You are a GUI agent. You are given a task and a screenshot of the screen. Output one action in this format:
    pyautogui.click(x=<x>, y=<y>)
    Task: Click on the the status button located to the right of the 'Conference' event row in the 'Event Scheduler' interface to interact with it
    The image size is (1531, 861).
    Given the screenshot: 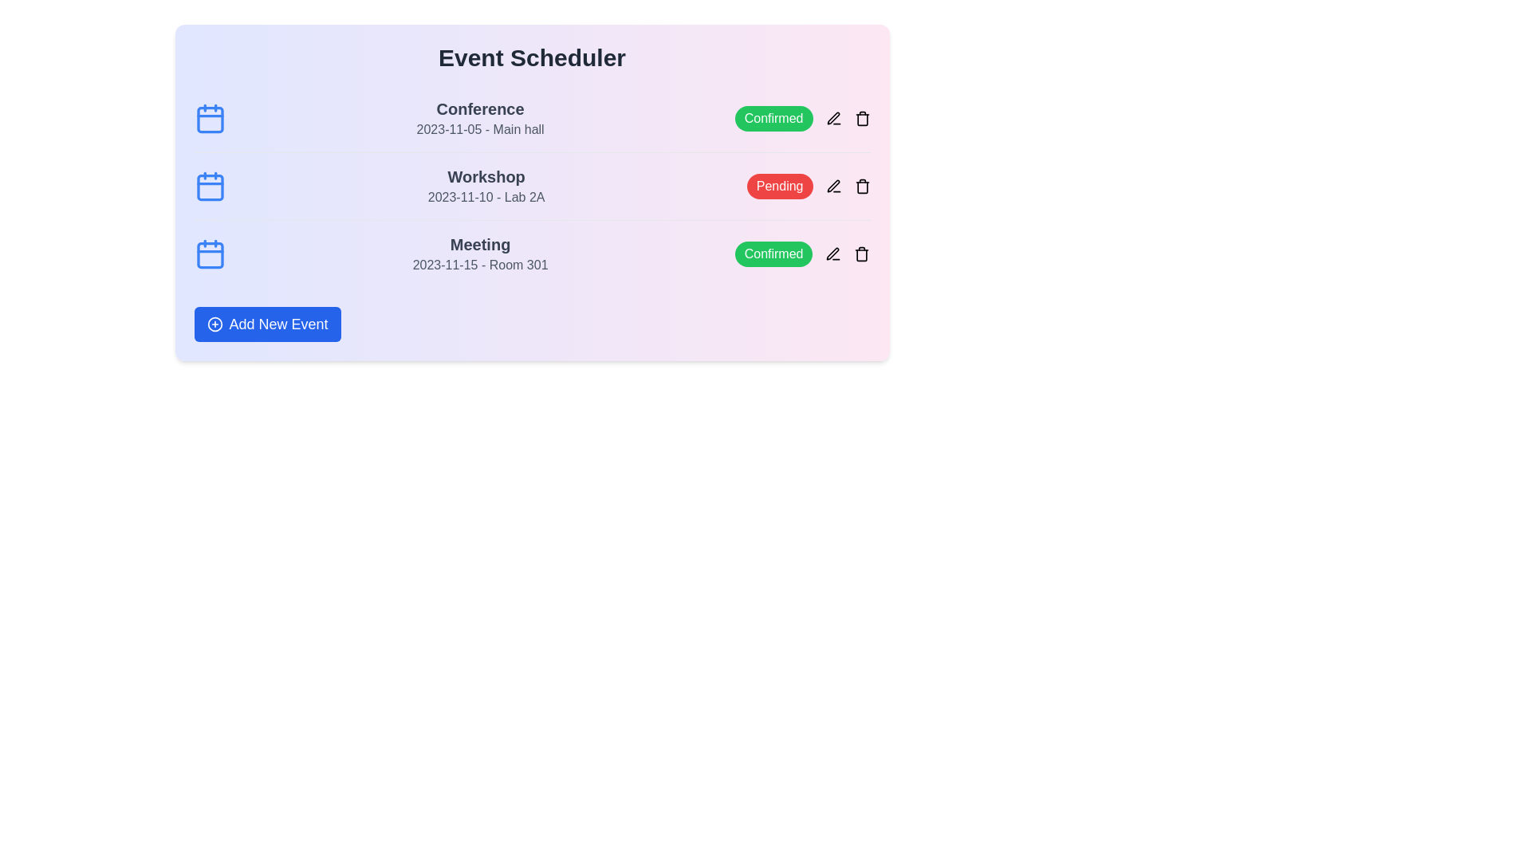 What is the action you would take?
    pyautogui.click(x=773, y=118)
    